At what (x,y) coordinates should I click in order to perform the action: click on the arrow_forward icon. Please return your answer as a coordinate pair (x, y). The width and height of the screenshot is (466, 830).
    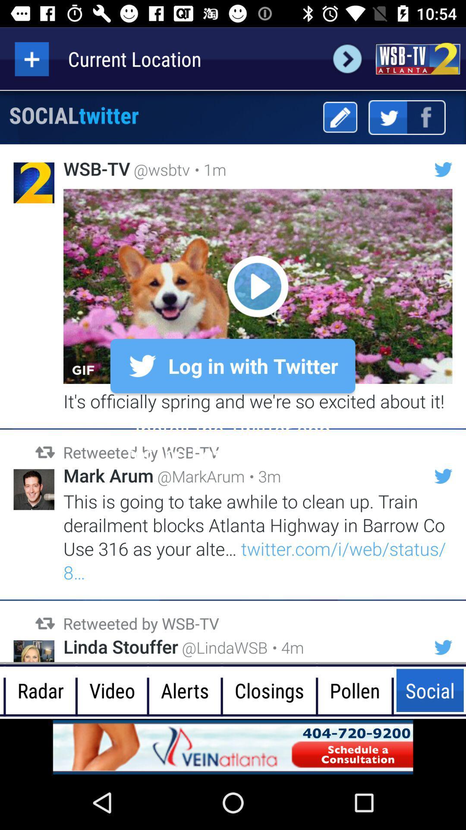
    Looking at the image, I should click on (347, 58).